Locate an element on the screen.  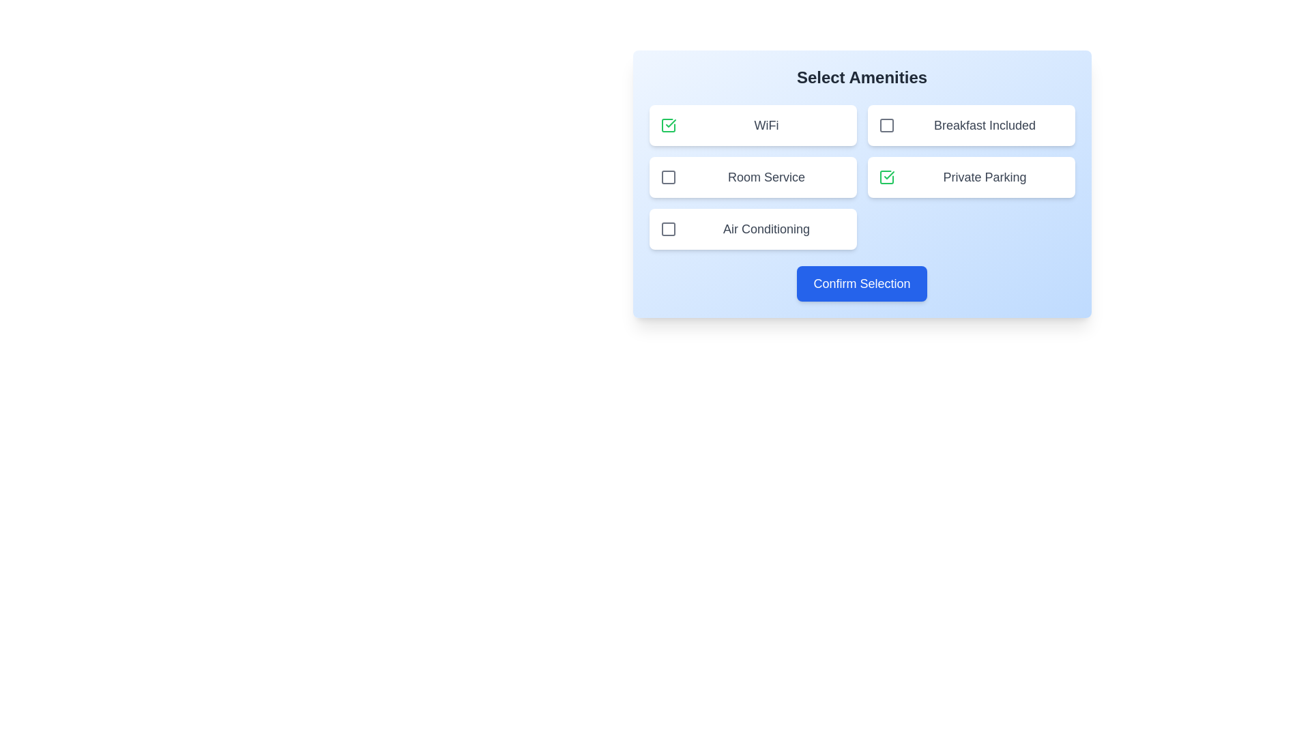
the checkbox labeled 'Air Conditioning' is located at coordinates (752, 228).